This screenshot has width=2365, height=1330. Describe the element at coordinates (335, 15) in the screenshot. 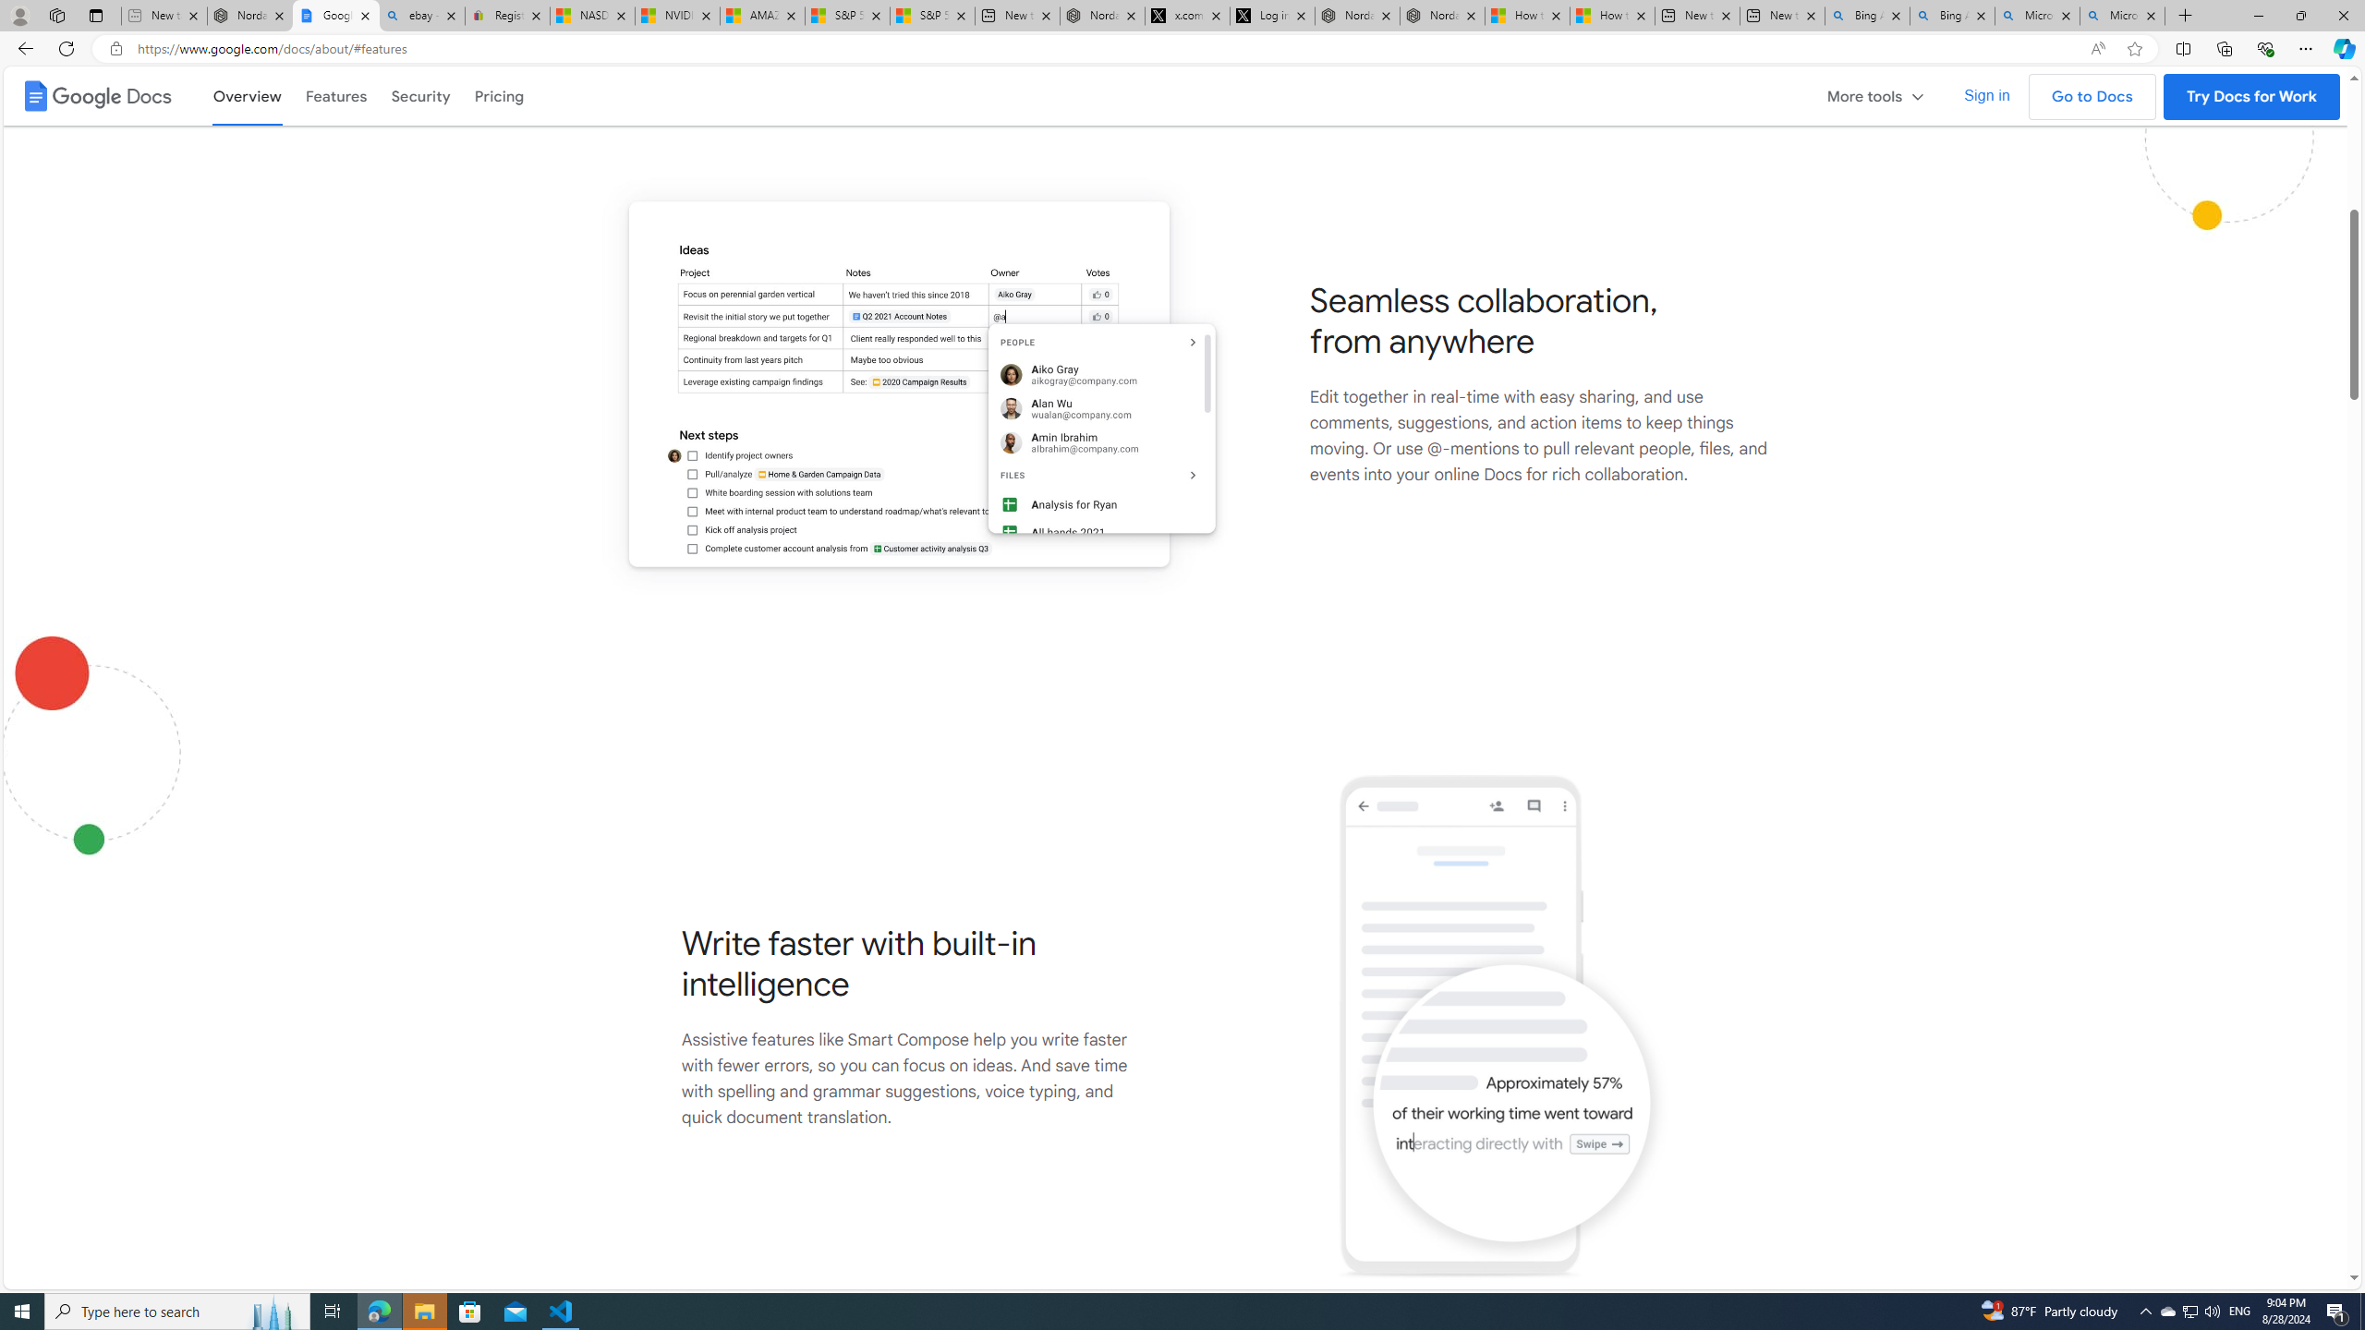

I see `'Google Docs: Online Document Editor | Google Workspace'` at that location.